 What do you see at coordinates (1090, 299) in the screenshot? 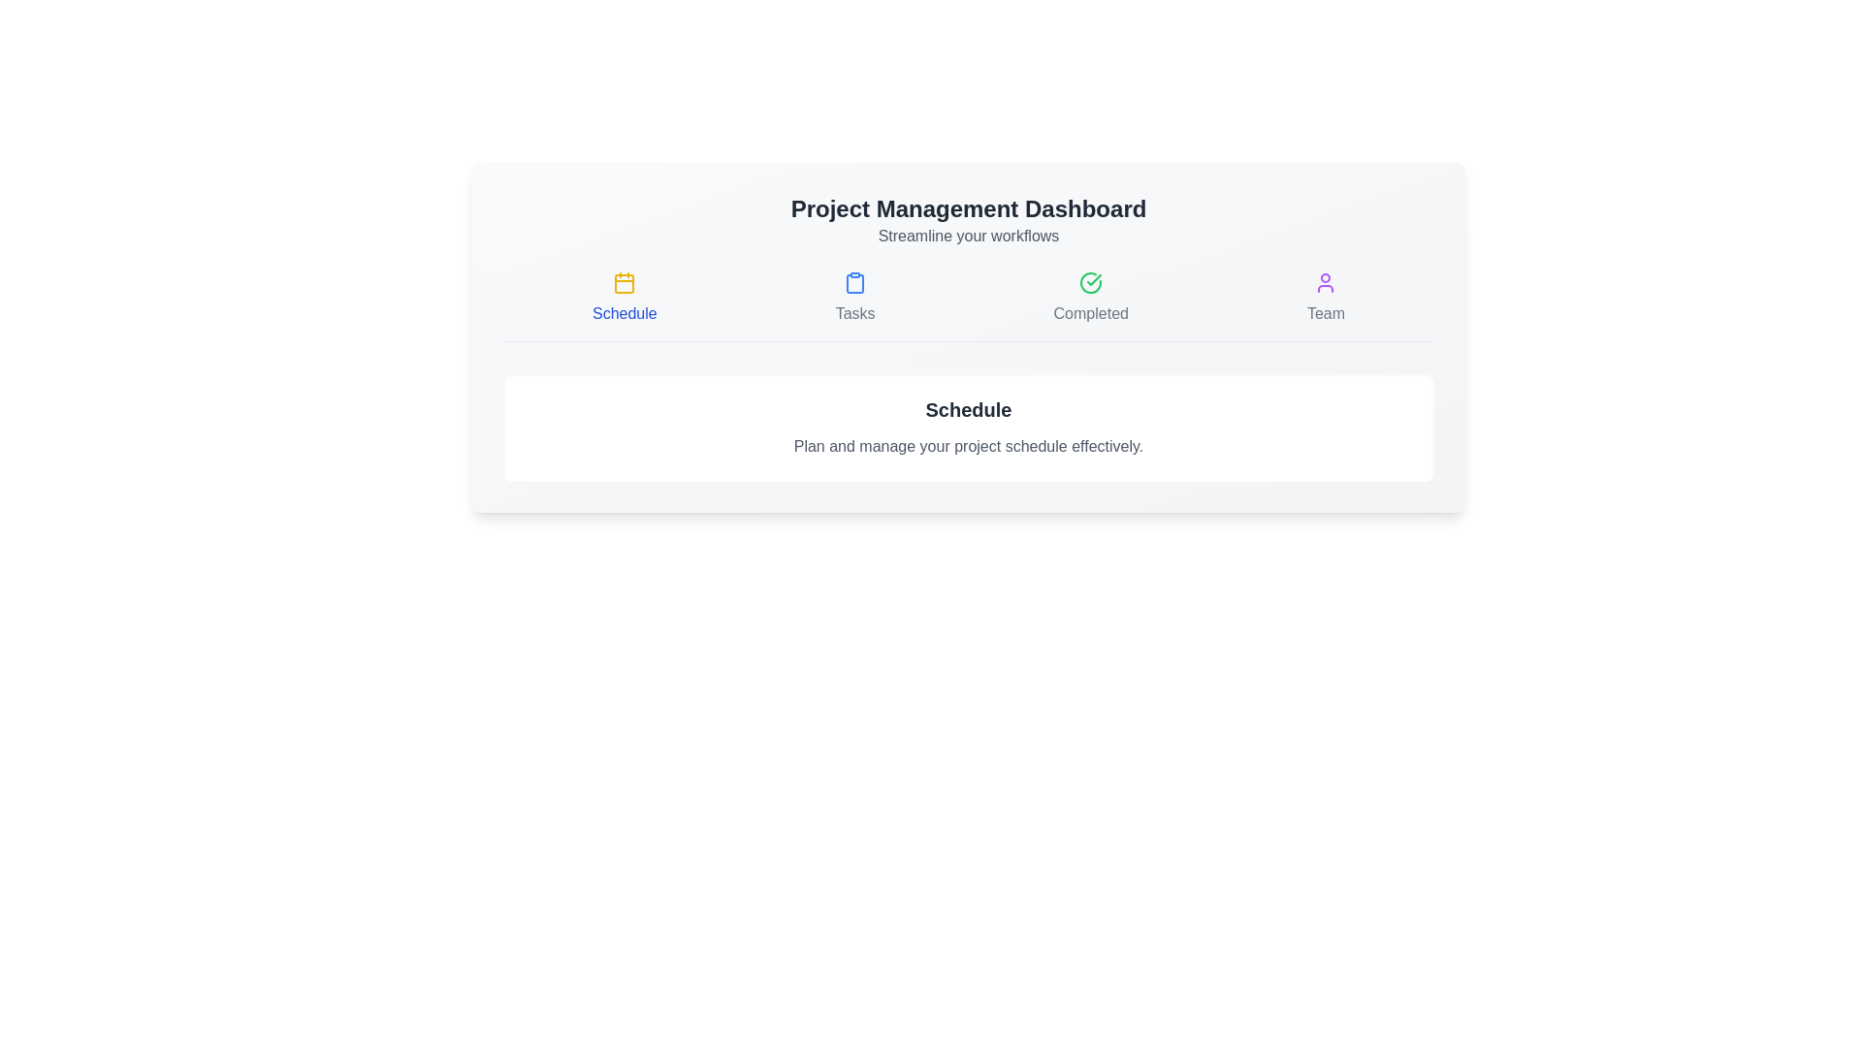
I see `the interactive element labeled 'Completed' to observe its hover effect` at bounding box center [1090, 299].